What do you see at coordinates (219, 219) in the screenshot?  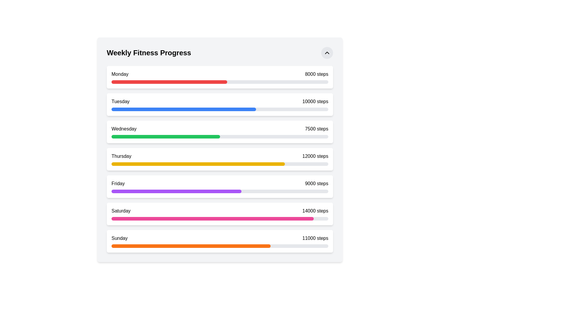 I see `the progress bar representing Saturday's fitness goals, which is the sixth item in a vertical list under the label 'Saturday', positioned between 'Friday' and 'Sunday'` at bounding box center [219, 219].